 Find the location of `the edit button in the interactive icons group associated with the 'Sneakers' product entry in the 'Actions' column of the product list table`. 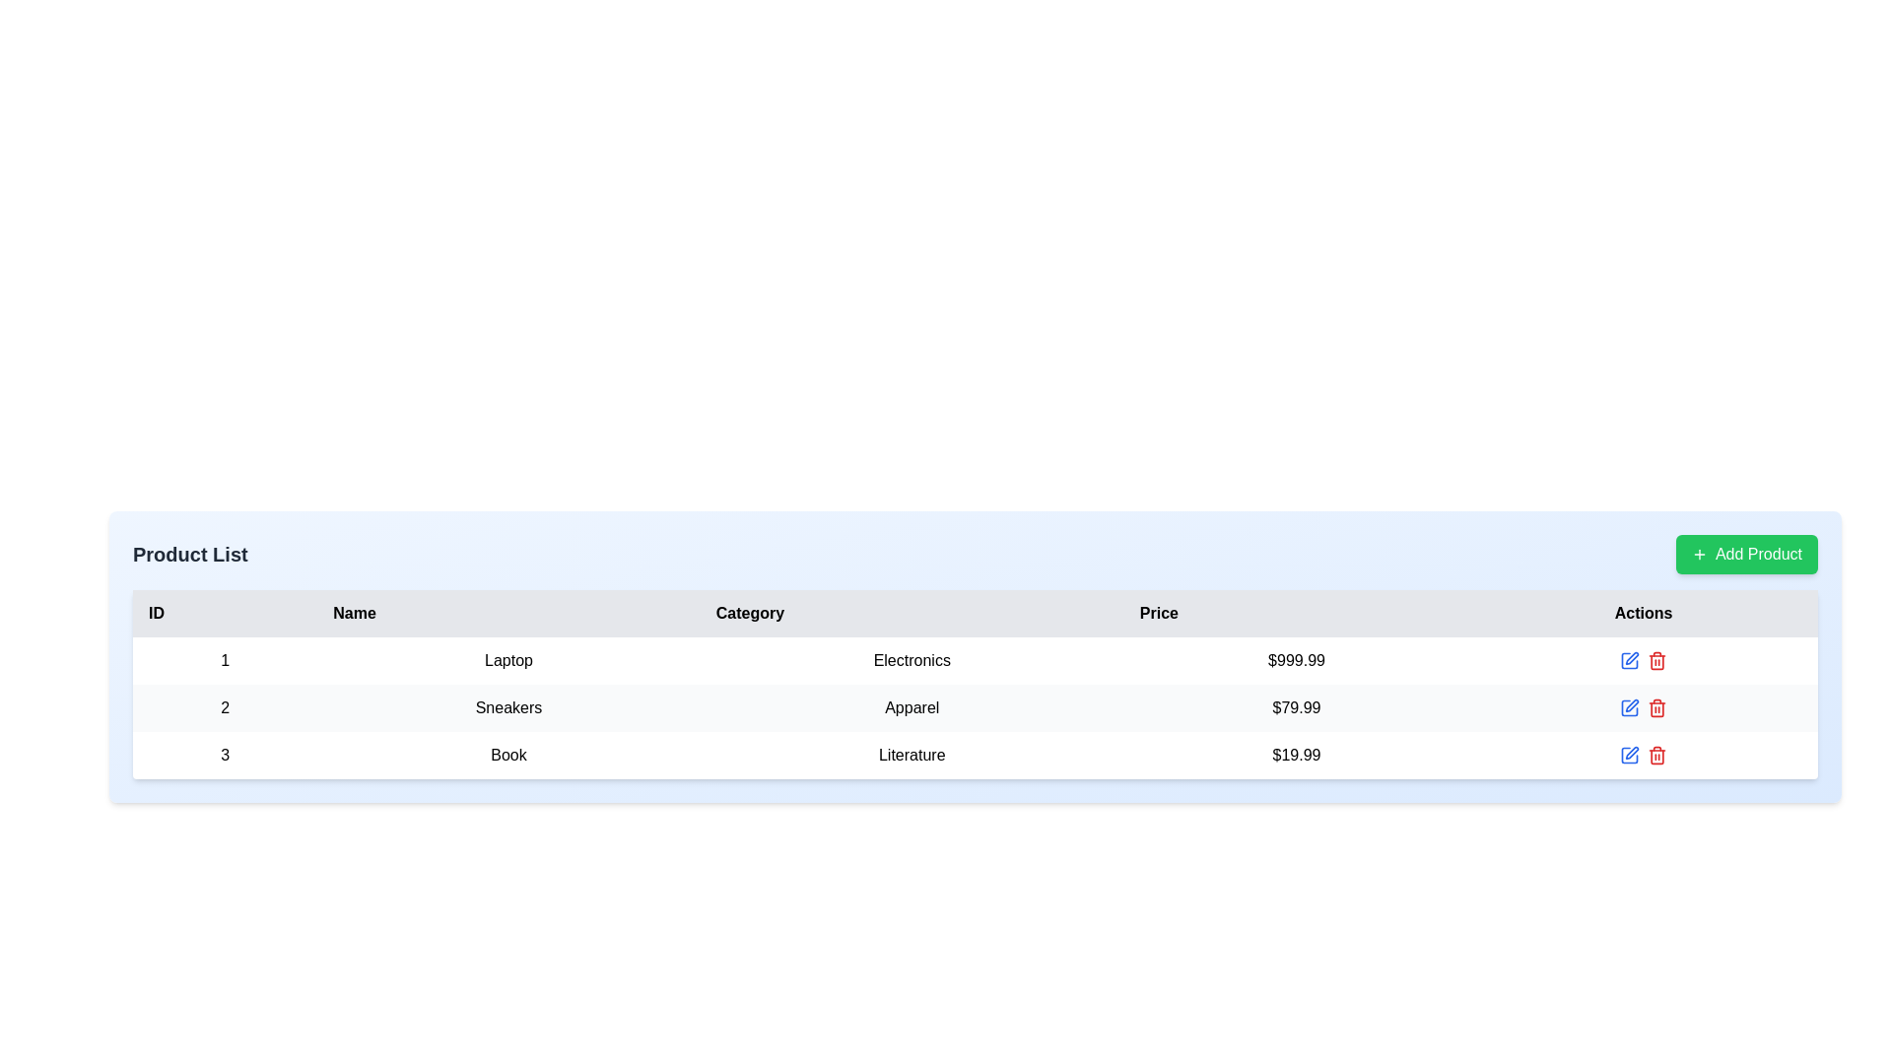

the edit button in the interactive icons group associated with the 'Sneakers' product entry in the 'Actions' column of the product list table is located at coordinates (1644, 706).